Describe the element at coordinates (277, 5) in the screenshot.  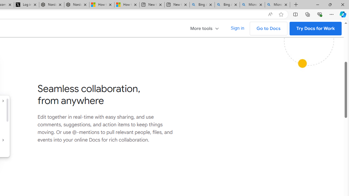
I see `'Microsoft Bing Timeline - Search'` at that location.